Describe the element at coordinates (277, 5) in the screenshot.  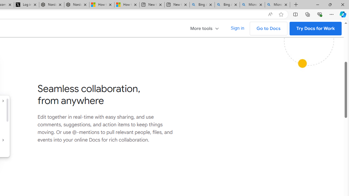
I see `'Microsoft Bing Timeline - Search'` at that location.